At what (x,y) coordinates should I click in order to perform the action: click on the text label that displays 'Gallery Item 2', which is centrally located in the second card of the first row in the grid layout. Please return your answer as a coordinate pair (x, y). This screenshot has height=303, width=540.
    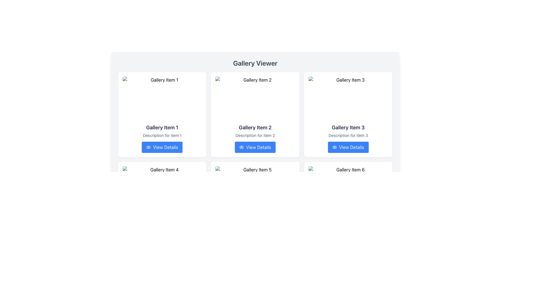
    Looking at the image, I should click on (255, 128).